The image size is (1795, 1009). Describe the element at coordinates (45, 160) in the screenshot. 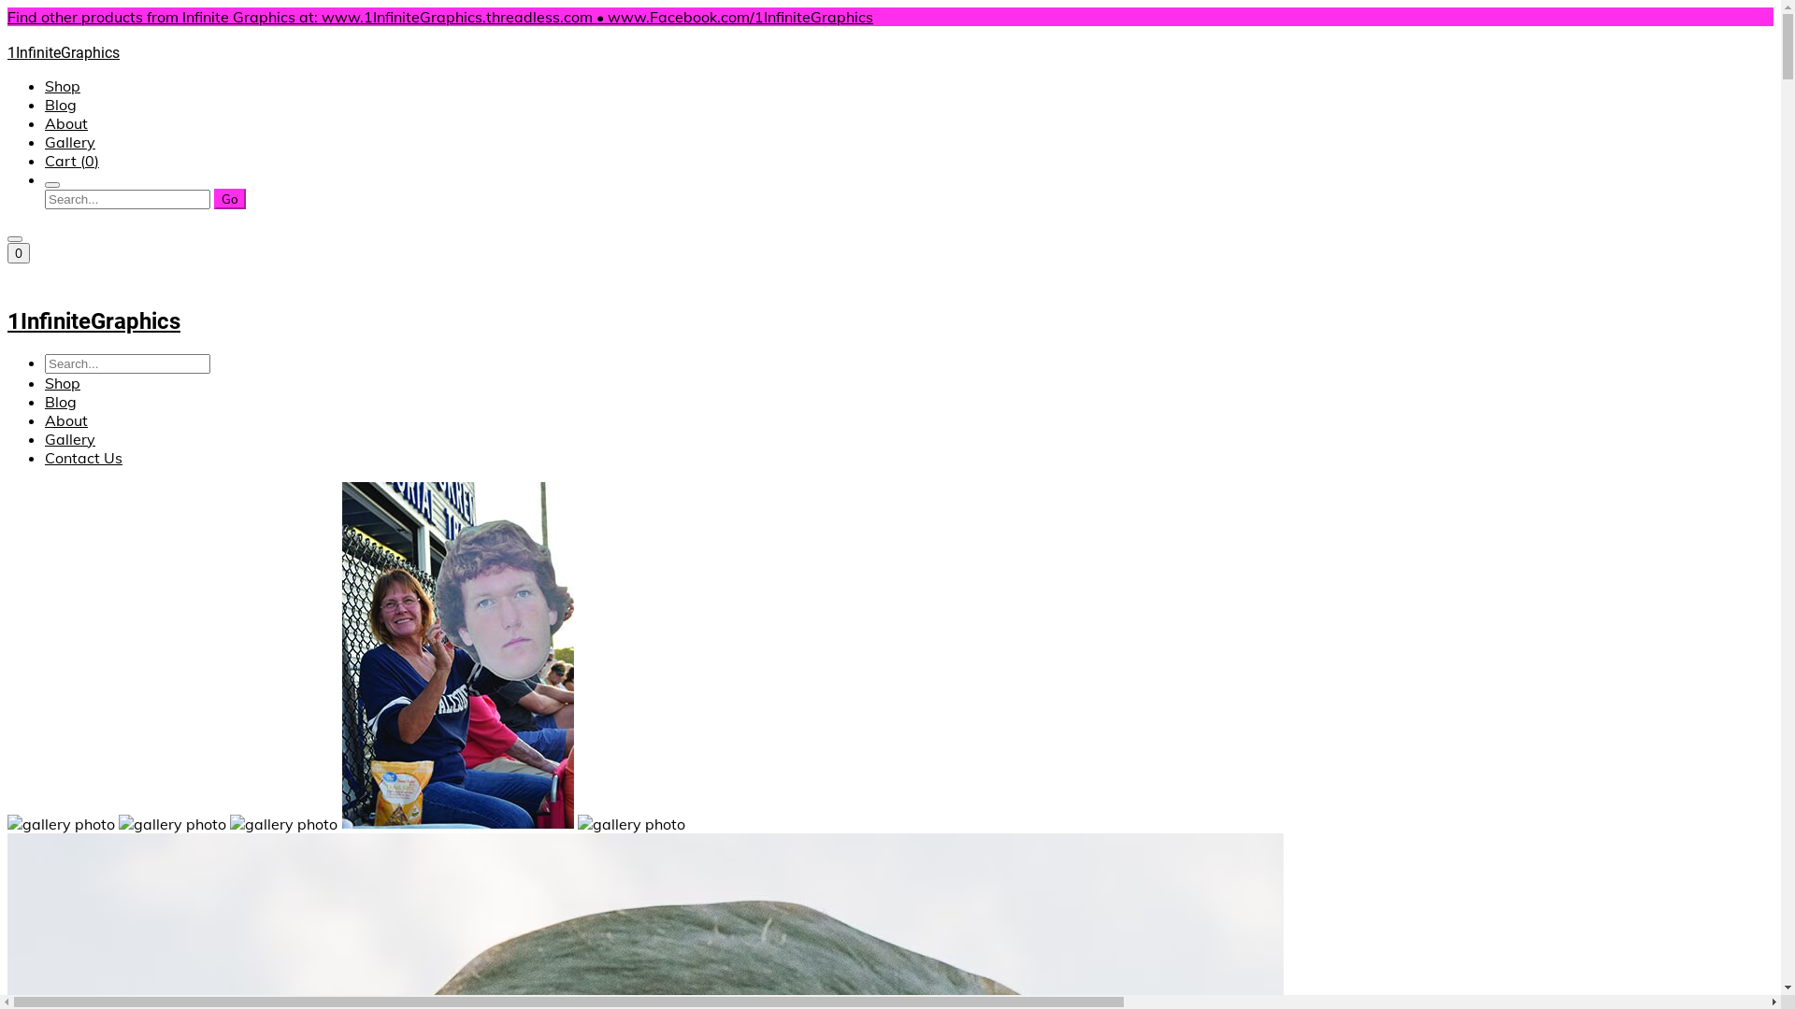

I see `'Cart (0)'` at that location.